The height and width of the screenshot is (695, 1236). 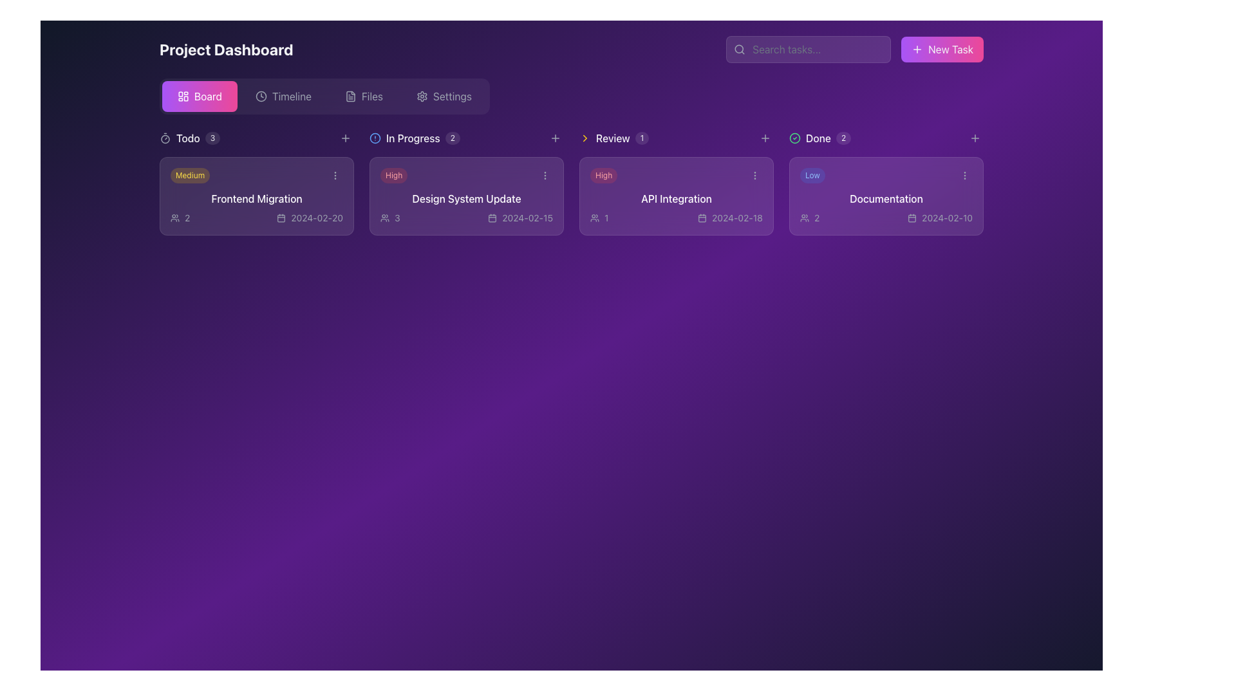 I want to click on the text label displaying the date '2024-02-18' which is located at the bottom-right of the 'API Integration' card in the 'Review' section of the project dashboard, so click(x=737, y=218).